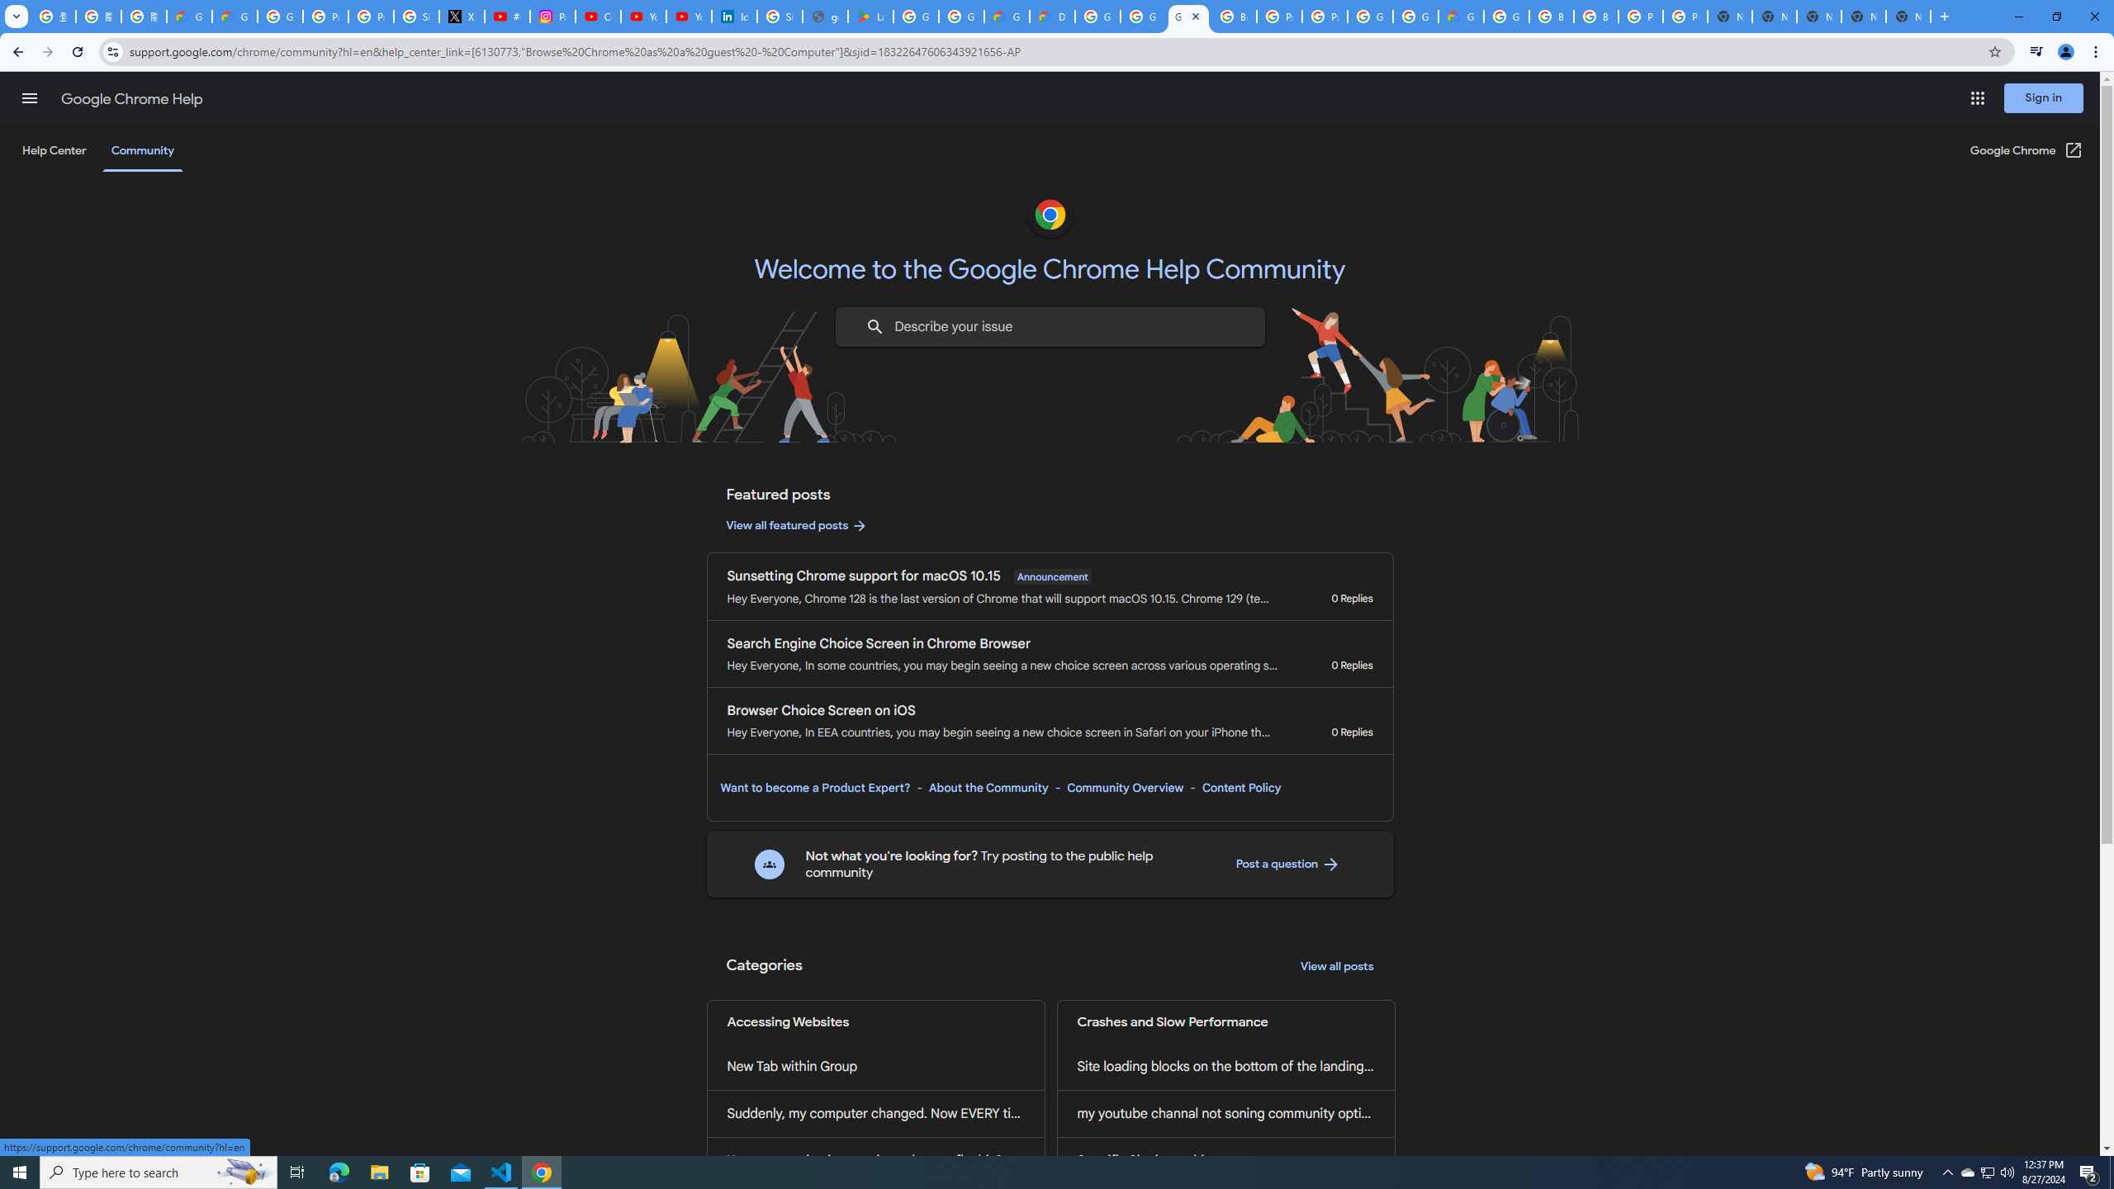 Image resolution: width=2114 pixels, height=1189 pixels. What do you see at coordinates (416, 16) in the screenshot?
I see `'Sign in - Google Accounts'` at bounding box center [416, 16].